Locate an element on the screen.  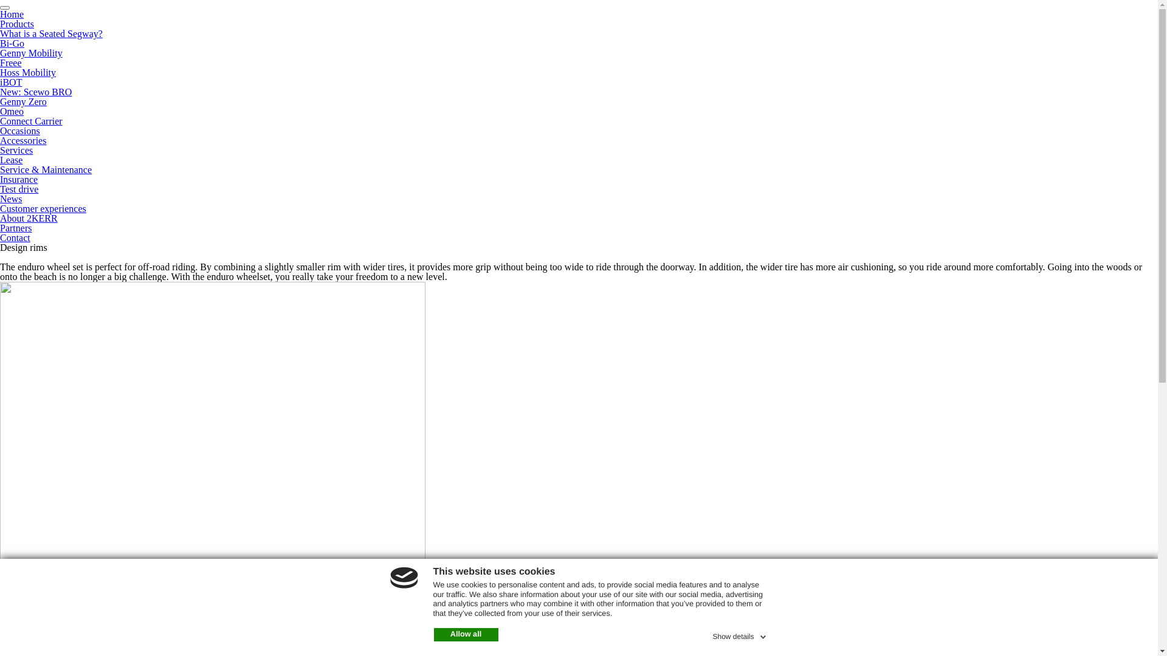
'New: Scewo BRO' is located at coordinates (0, 91).